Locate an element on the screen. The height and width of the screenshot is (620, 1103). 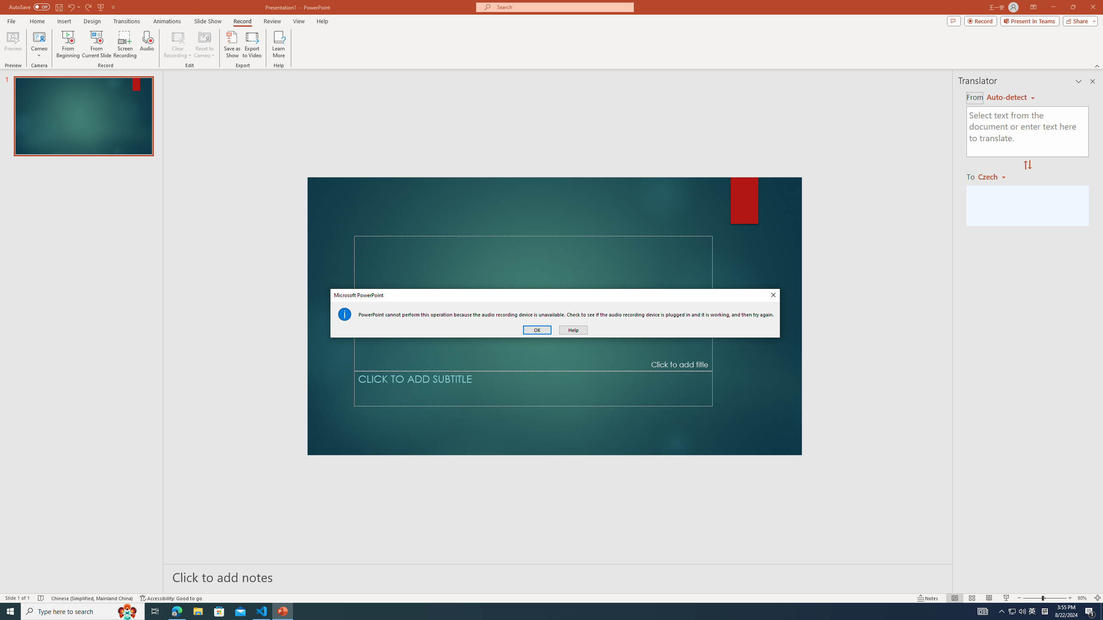
'Reset to Cameo' is located at coordinates (204, 44).